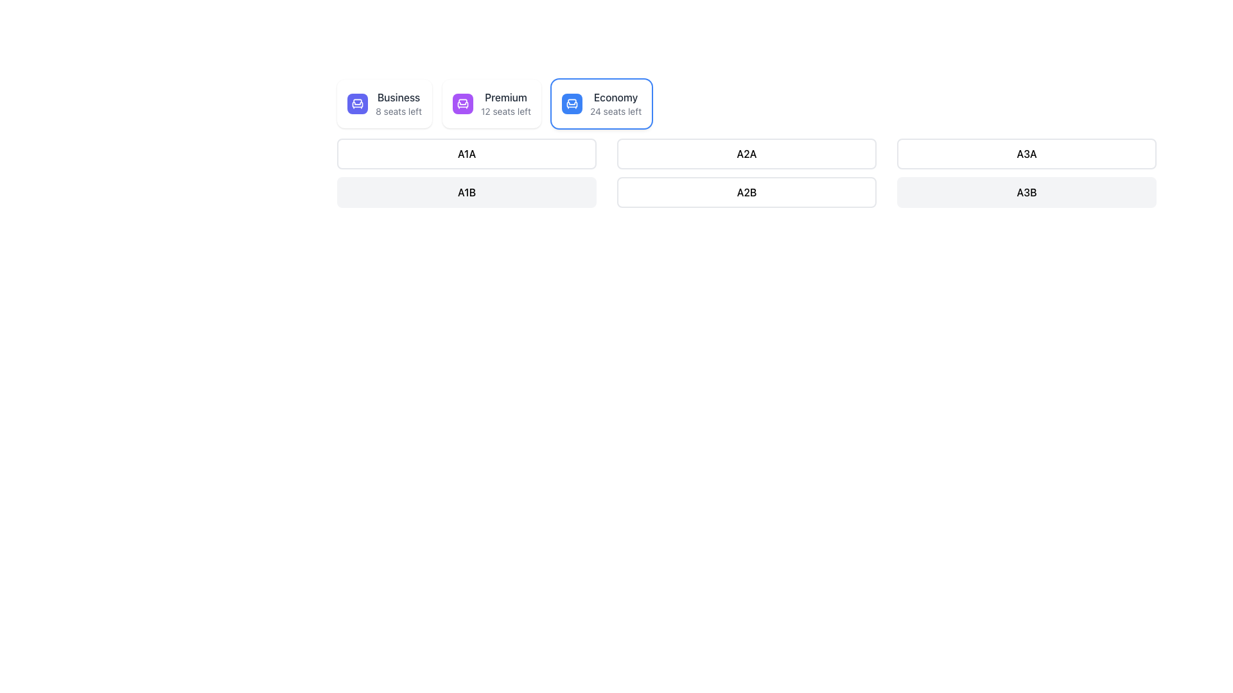  Describe the element at coordinates (615, 103) in the screenshot. I see `the descriptive text label element that displays 'Economy' and '24 seats left' located in the Economy tab` at that location.